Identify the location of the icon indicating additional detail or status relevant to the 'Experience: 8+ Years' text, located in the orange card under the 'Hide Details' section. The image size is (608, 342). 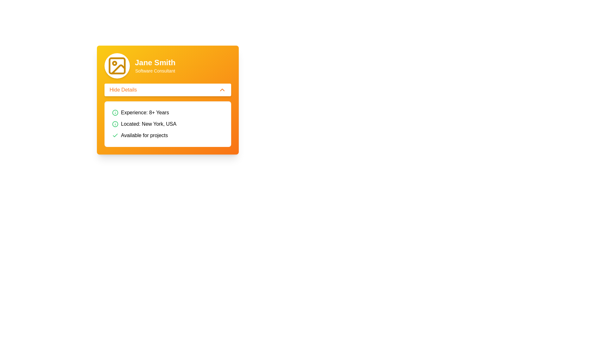
(115, 112).